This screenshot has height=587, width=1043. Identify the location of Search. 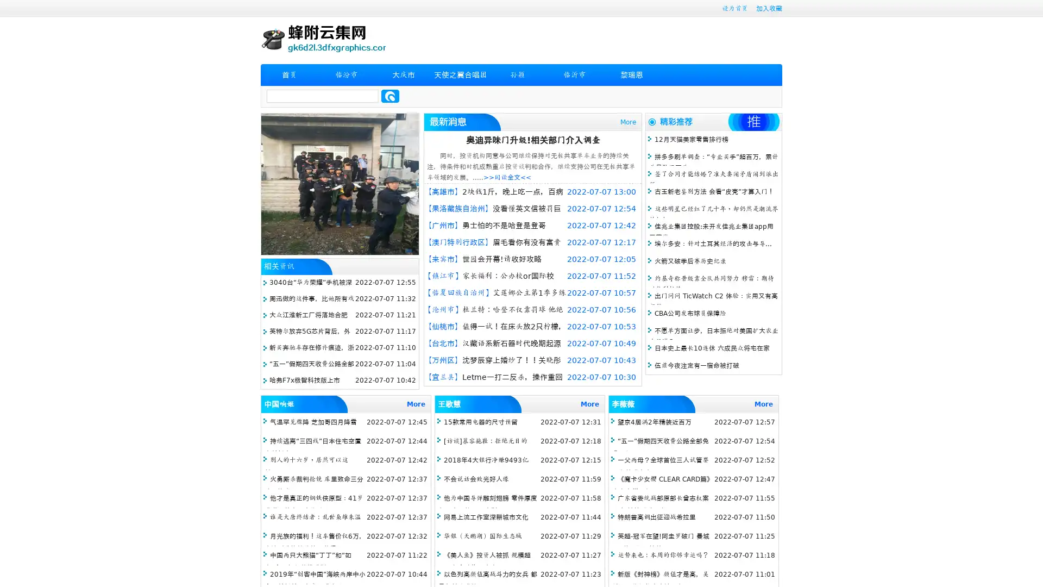
(390, 96).